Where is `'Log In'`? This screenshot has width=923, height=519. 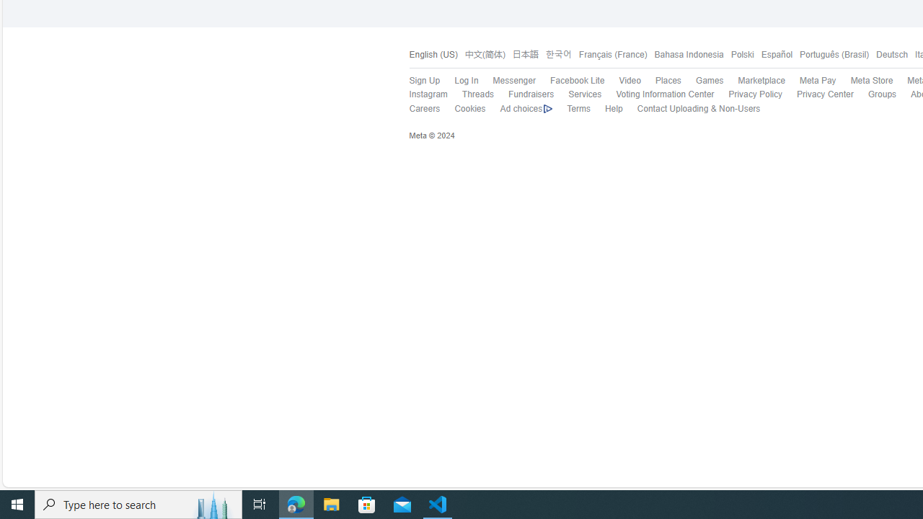
'Log In' is located at coordinates (467, 81).